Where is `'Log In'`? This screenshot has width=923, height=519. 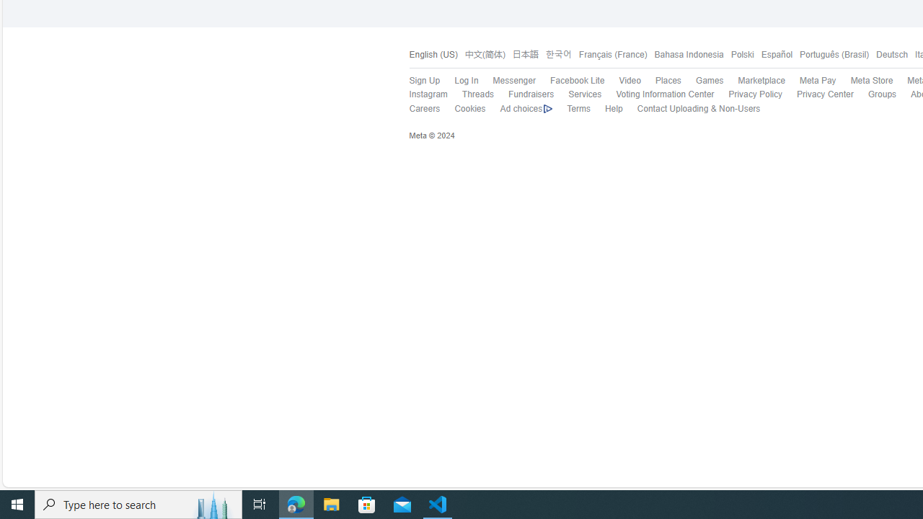
'Log In' is located at coordinates (467, 81).